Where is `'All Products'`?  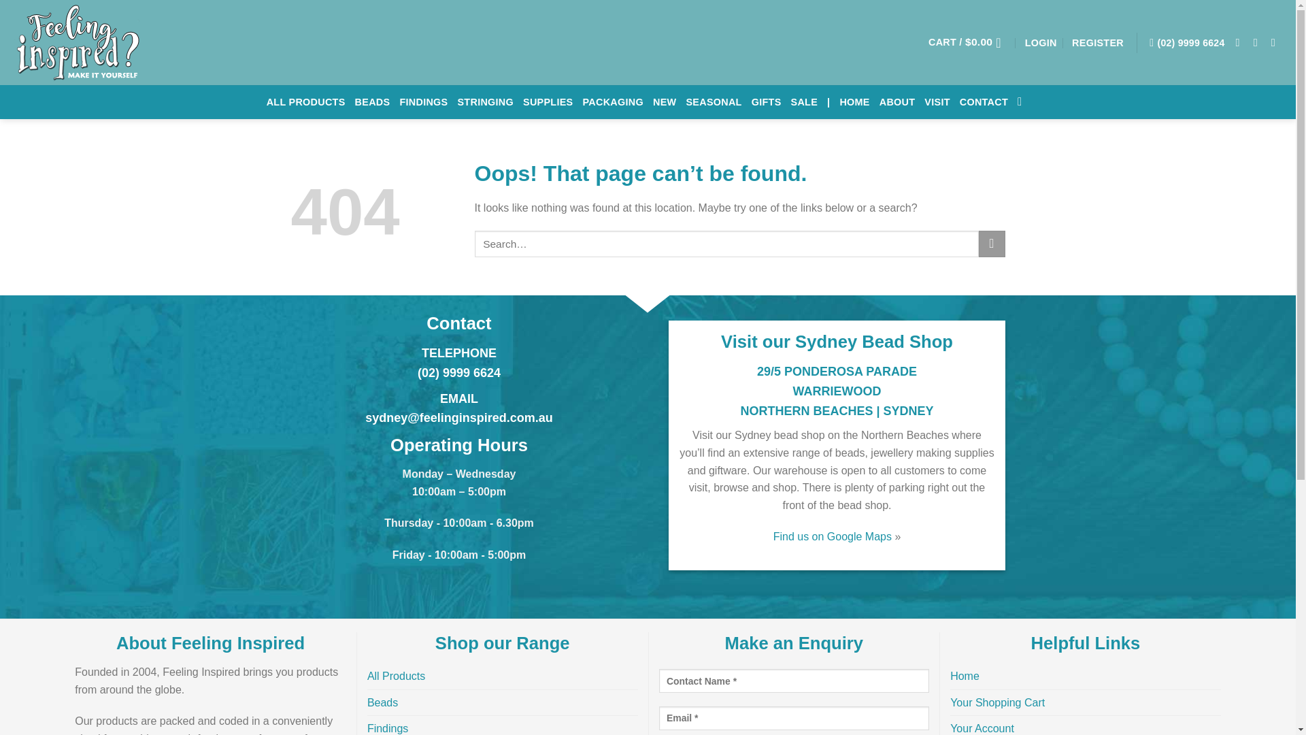 'All Products' is located at coordinates (395, 676).